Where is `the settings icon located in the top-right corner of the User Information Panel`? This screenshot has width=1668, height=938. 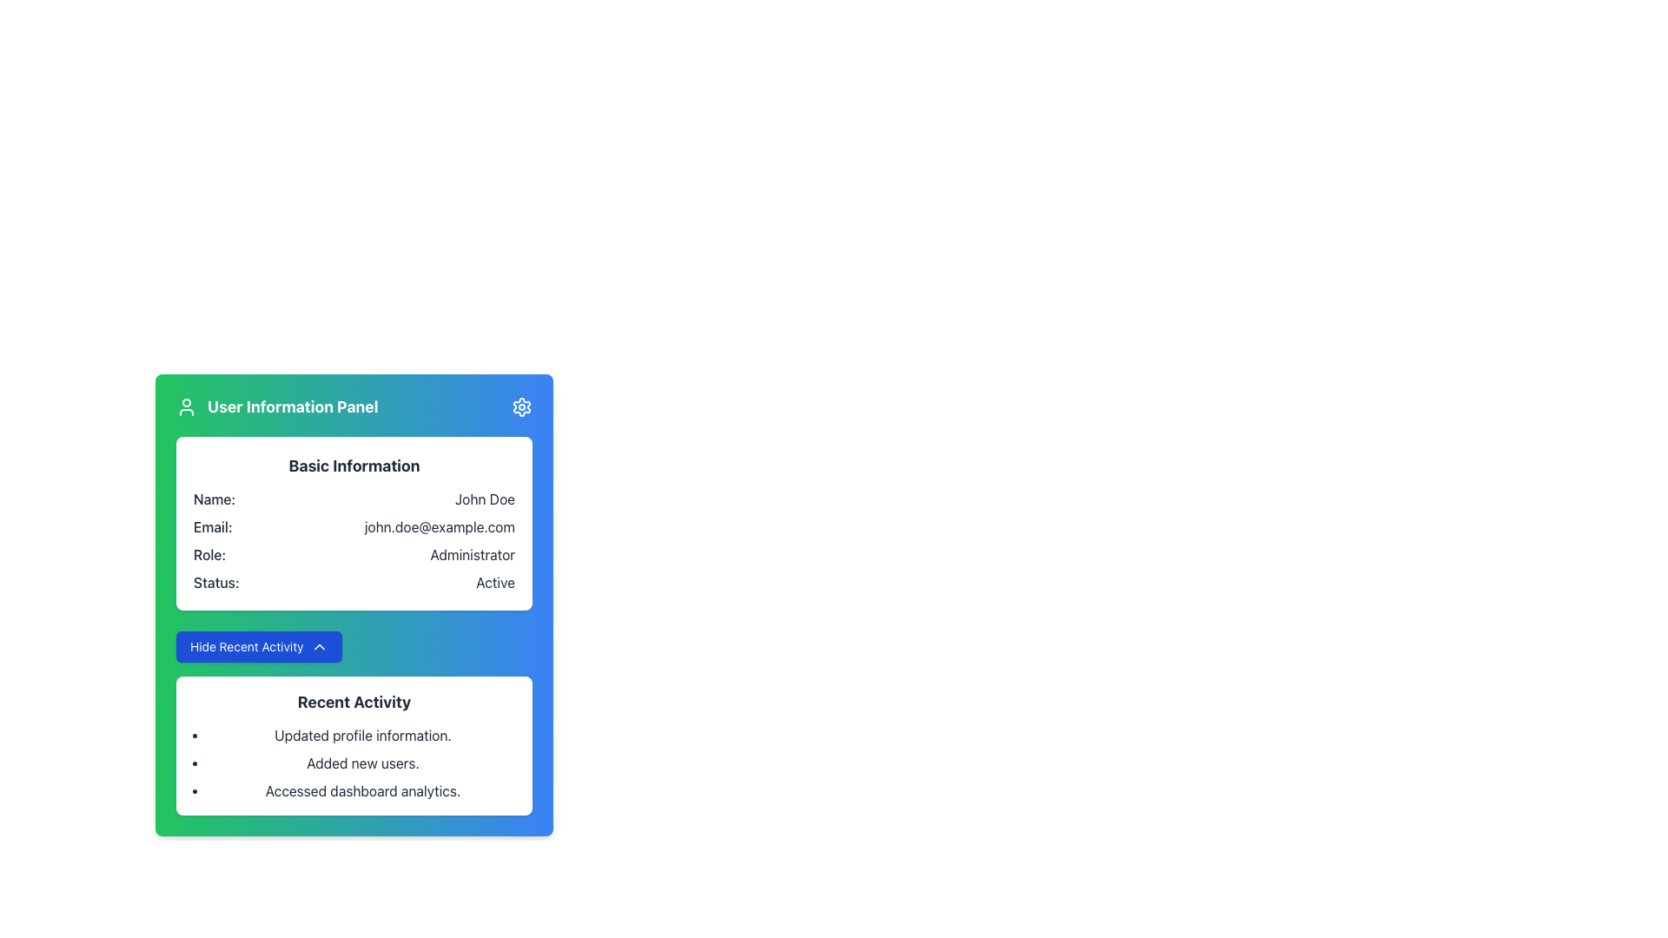
the settings icon located in the top-right corner of the User Information Panel is located at coordinates (520, 407).